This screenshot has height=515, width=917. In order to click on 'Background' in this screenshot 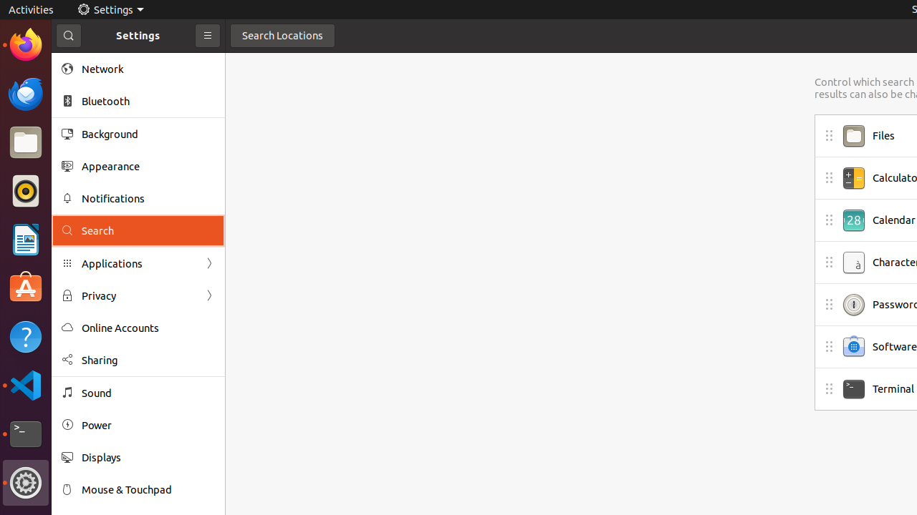, I will do `click(148, 134)`.